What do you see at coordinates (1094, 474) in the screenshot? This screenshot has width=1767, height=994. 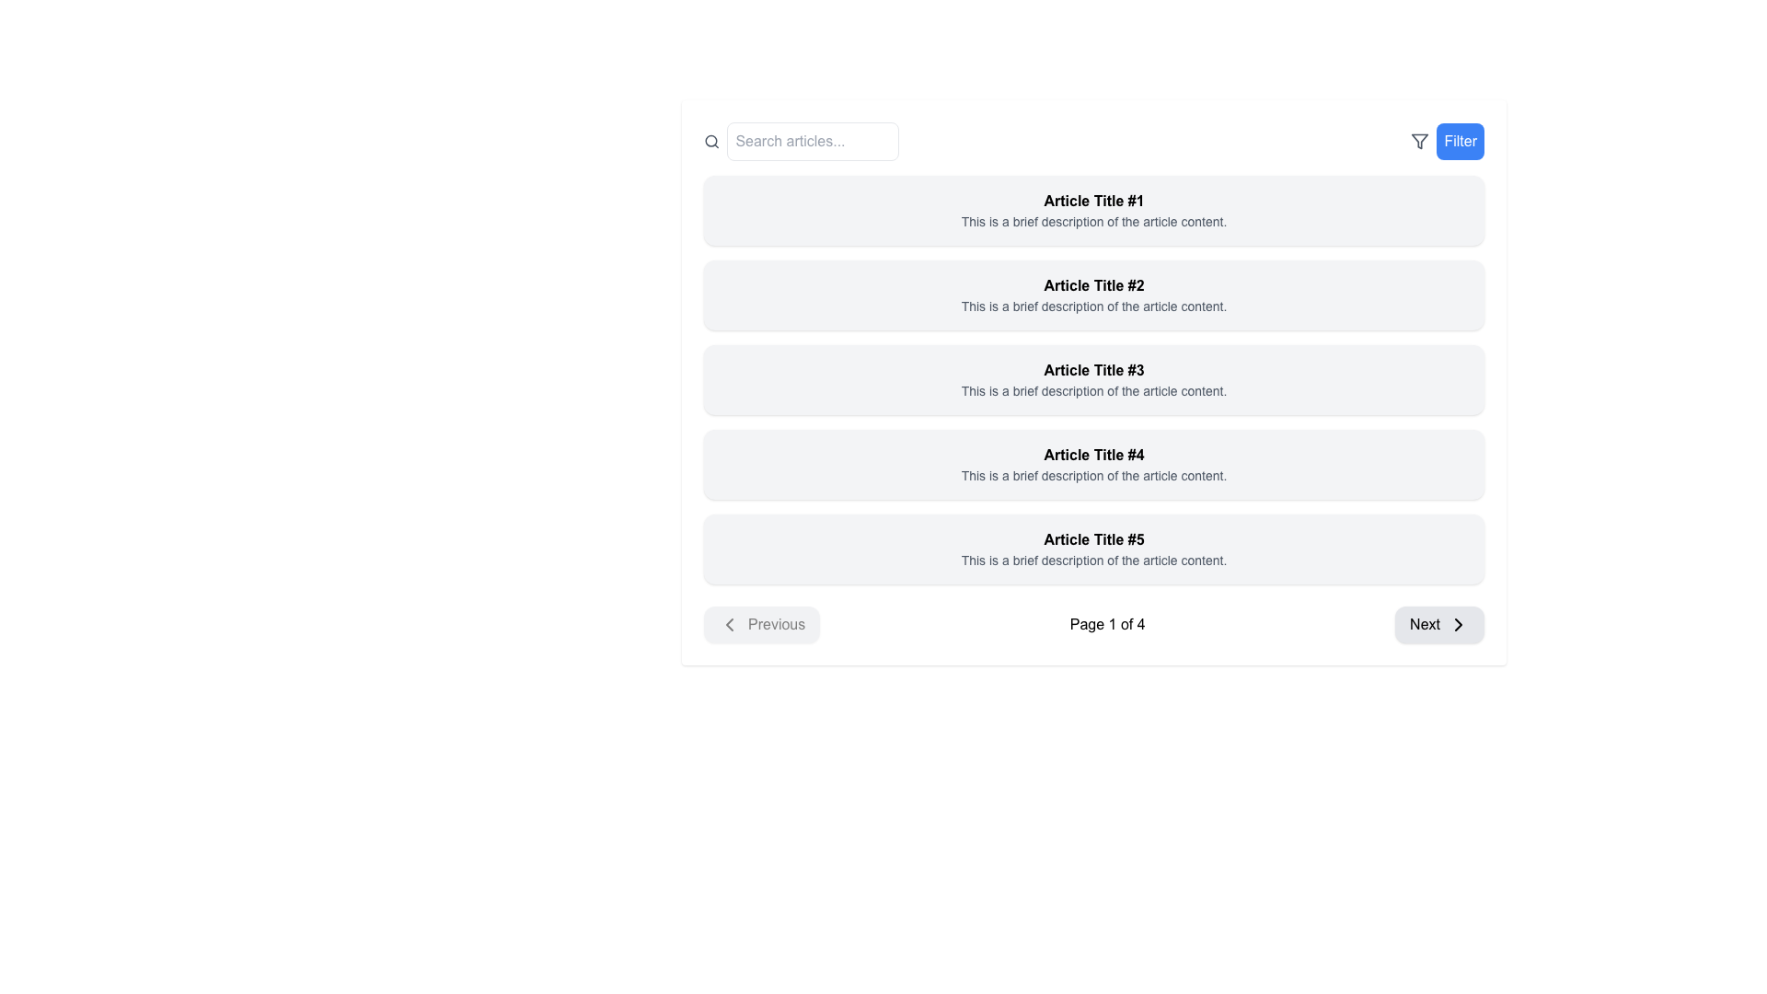 I see `the descriptive summary text that provides context about the article, positioned below 'Article Title #4'` at bounding box center [1094, 474].